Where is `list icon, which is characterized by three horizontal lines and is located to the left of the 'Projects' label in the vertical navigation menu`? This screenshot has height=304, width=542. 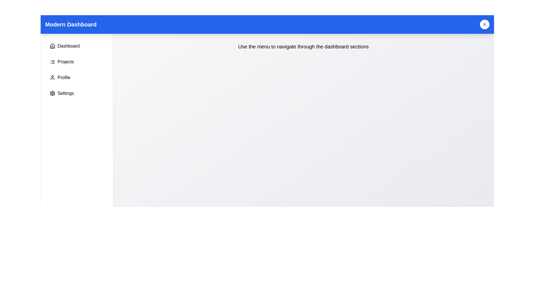
list icon, which is characterized by three horizontal lines and is located to the left of the 'Projects' label in the vertical navigation menu is located at coordinates (53, 62).